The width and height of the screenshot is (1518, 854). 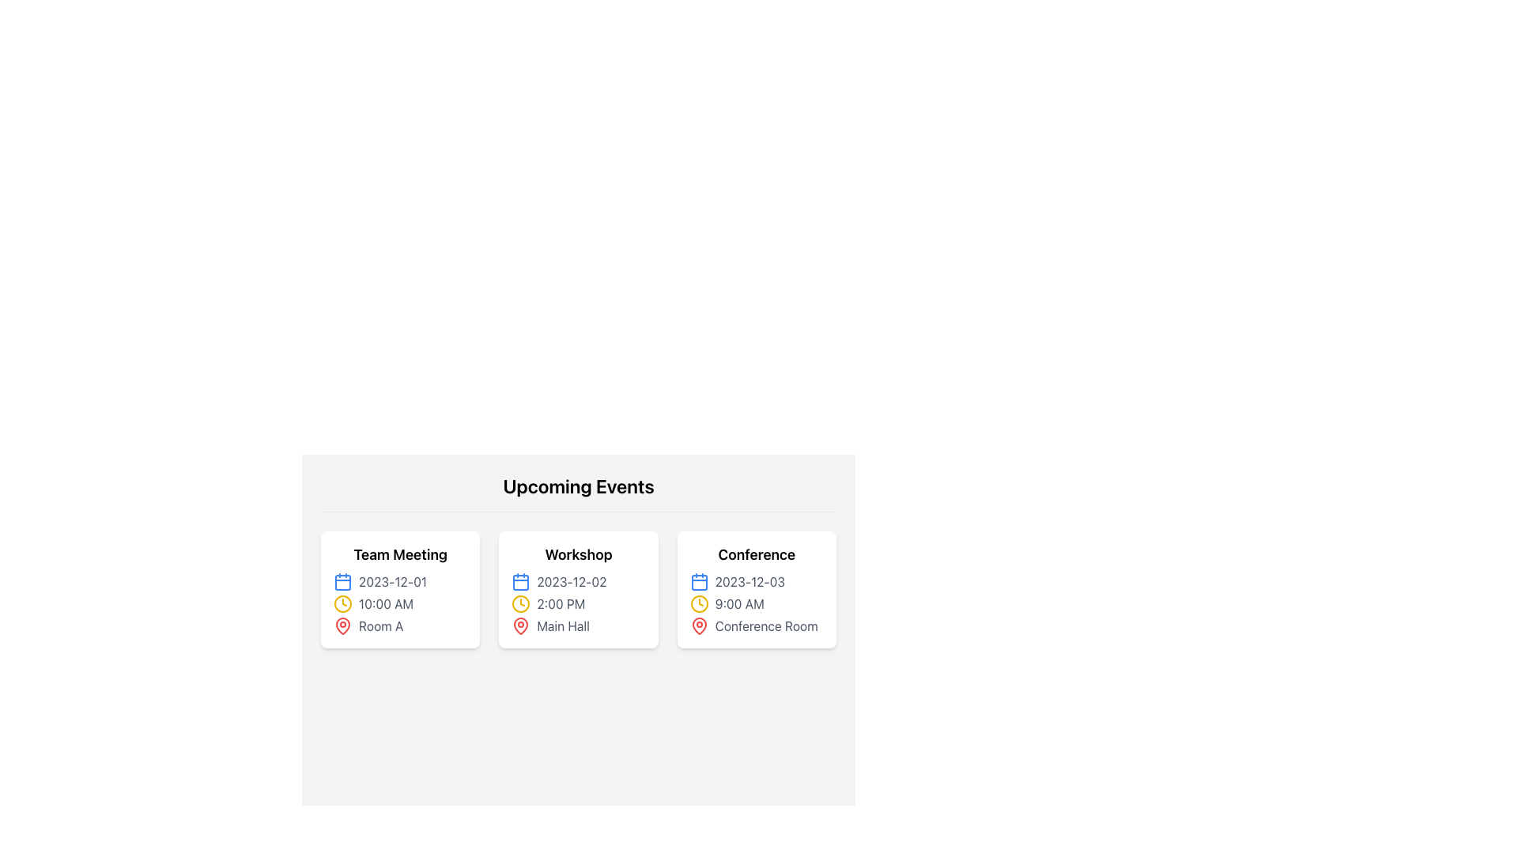 What do you see at coordinates (342, 582) in the screenshot?
I see `the basic rectangular graphic that serves as the base of the calendar icon in the 'Upcoming Events' section` at bounding box center [342, 582].